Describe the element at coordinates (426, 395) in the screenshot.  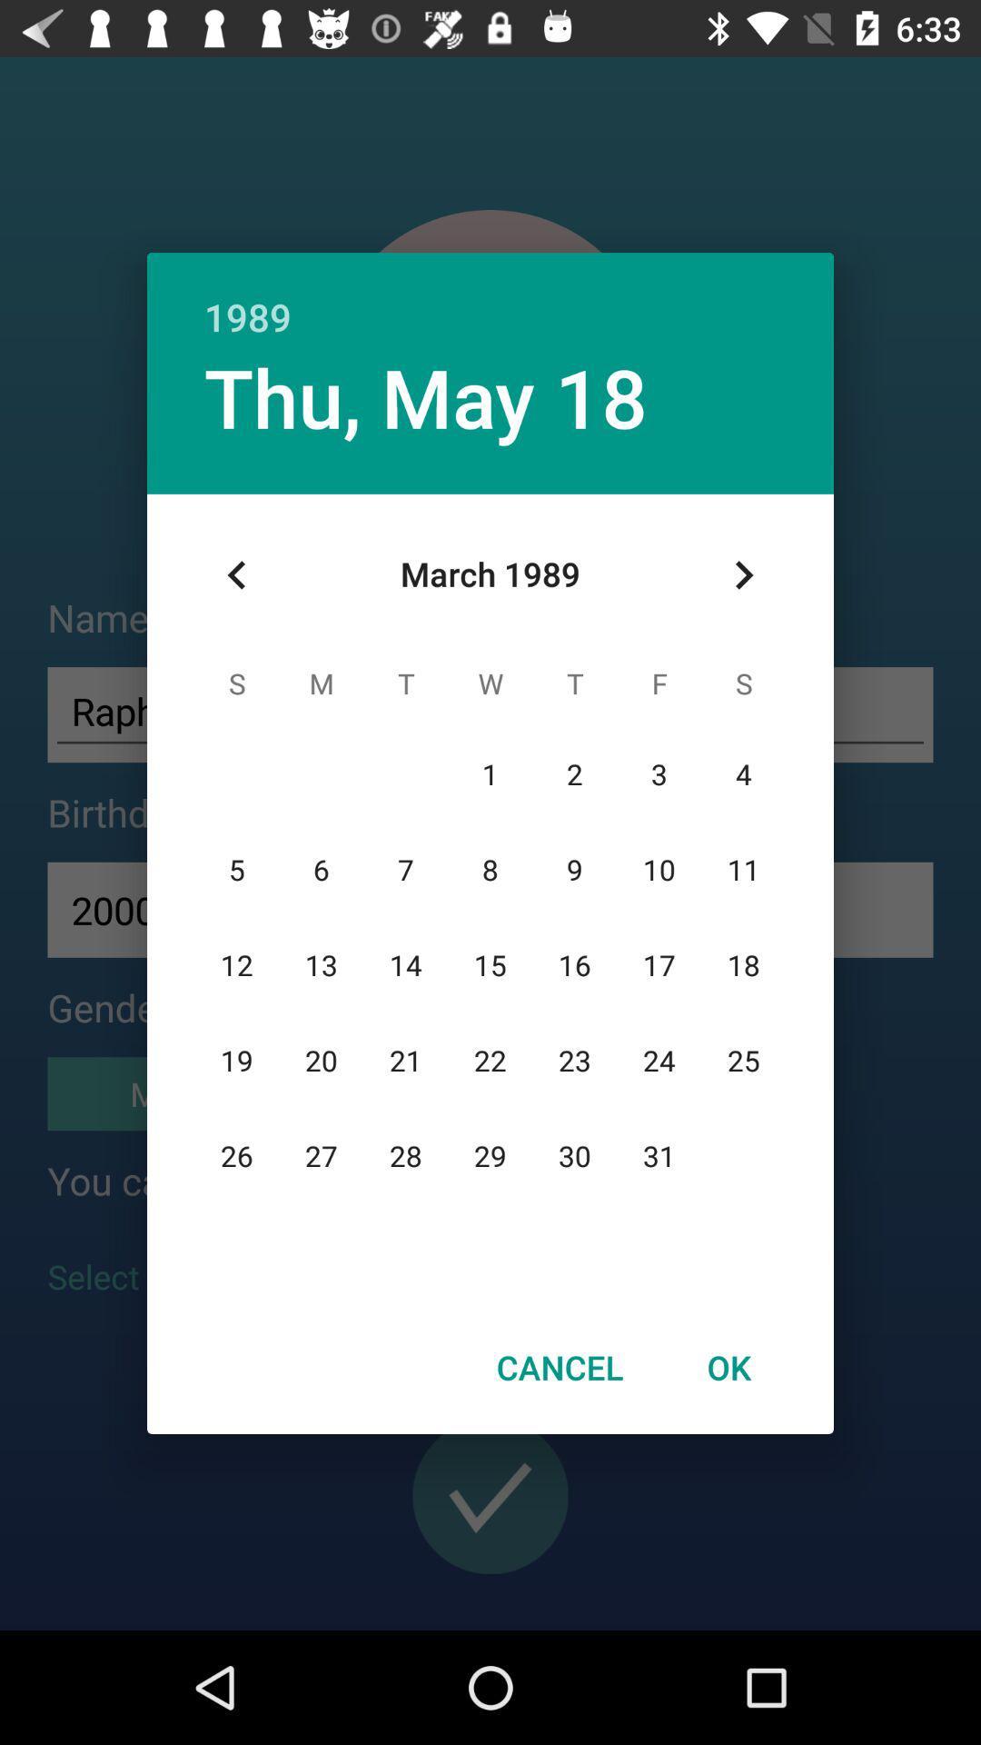
I see `the thu, may 18 item` at that location.